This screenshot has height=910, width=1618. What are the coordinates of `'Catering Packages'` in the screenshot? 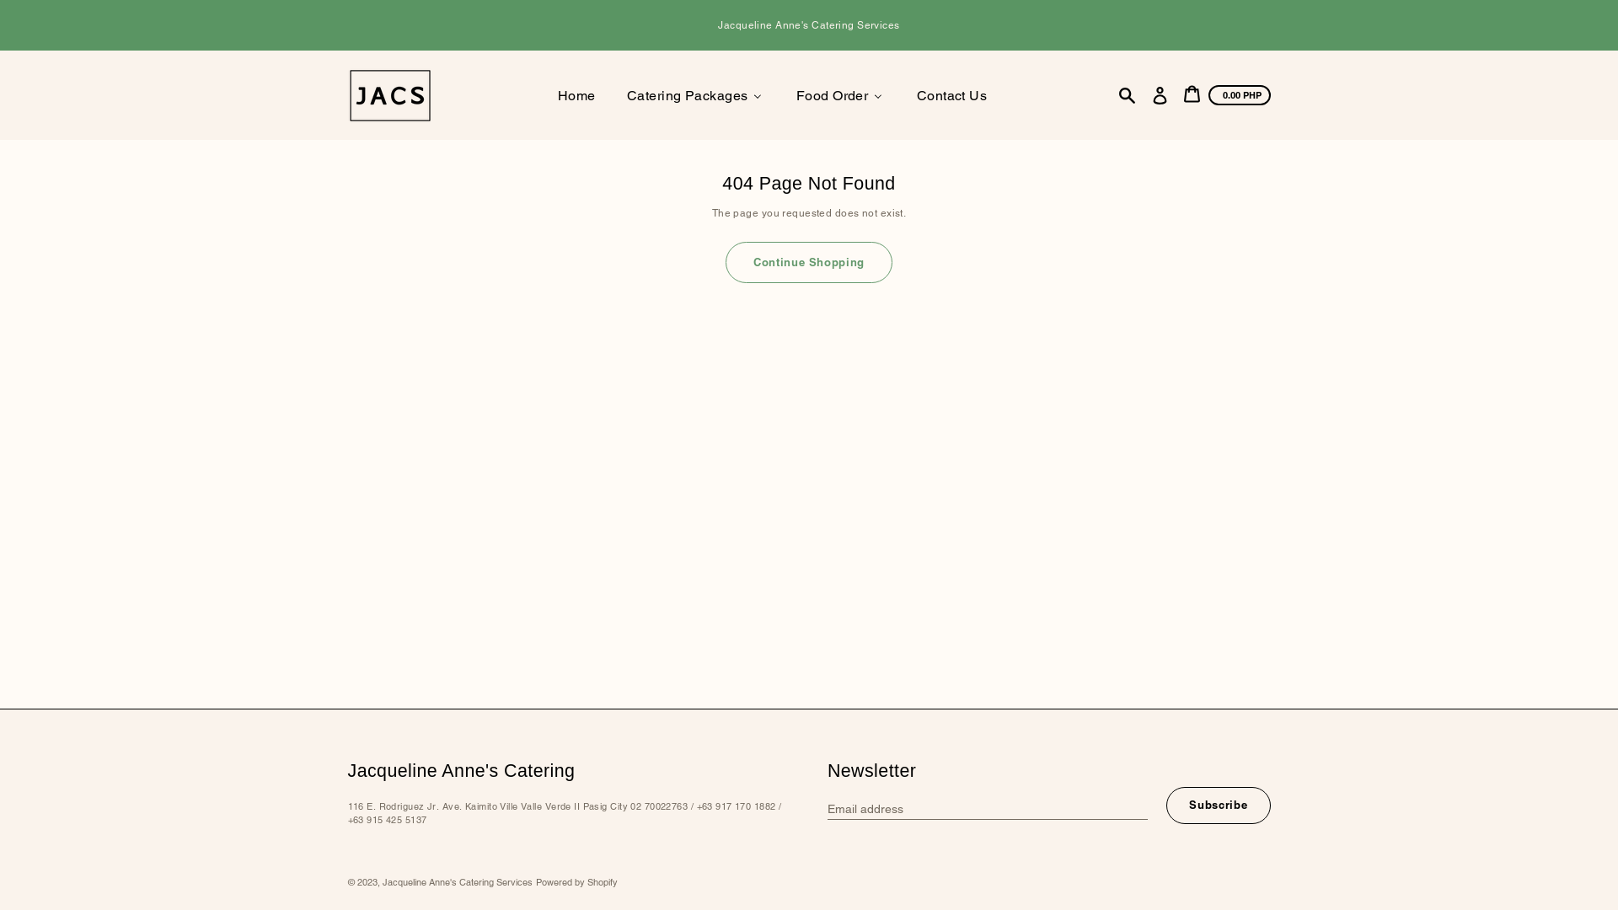 It's located at (694, 95).